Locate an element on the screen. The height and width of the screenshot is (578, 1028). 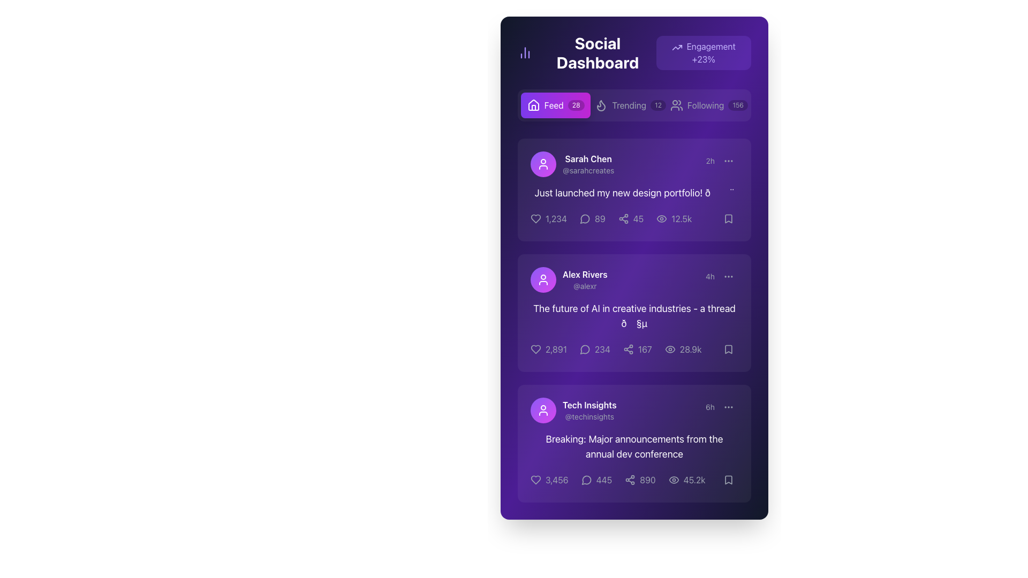
the user profile icon in the Profile Header, which is a circular icon filled with gradient coloring from violet to fuchsia, containing a white user icon in its center is located at coordinates (572, 164).